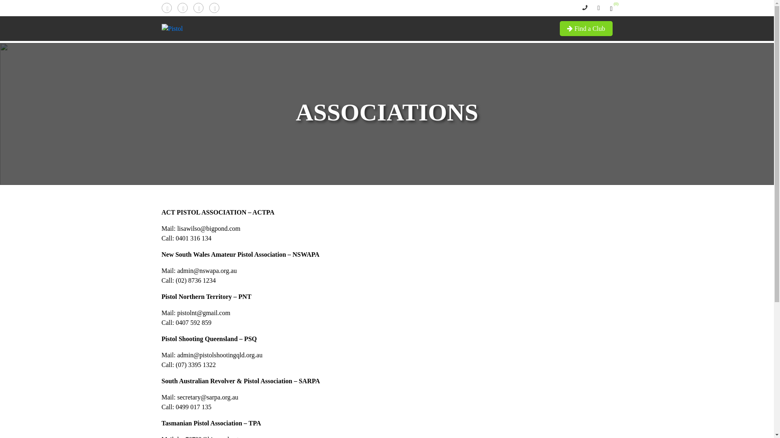 The image size is (780, 438). Describe the element at coordinates (207, 271) in the screenshot. I see `'admin@nswapa.org.au'` at that location.